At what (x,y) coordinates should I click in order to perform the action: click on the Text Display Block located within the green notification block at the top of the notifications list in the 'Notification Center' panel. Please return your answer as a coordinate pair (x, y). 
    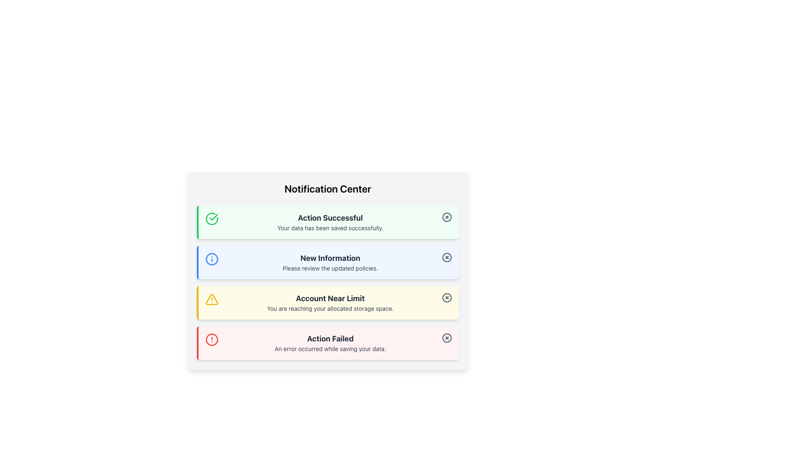
    Looking at the image, I should click on (330, 221).